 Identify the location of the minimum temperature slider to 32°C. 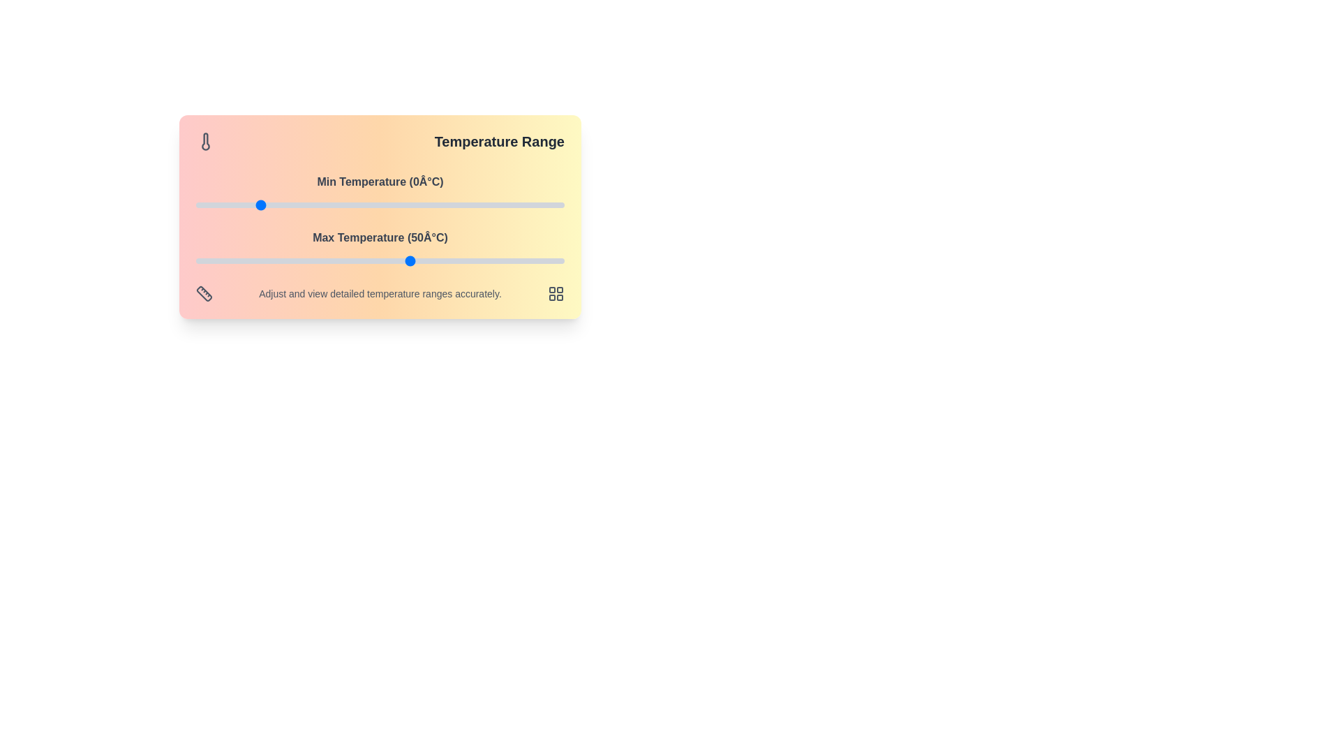
(355, 205).